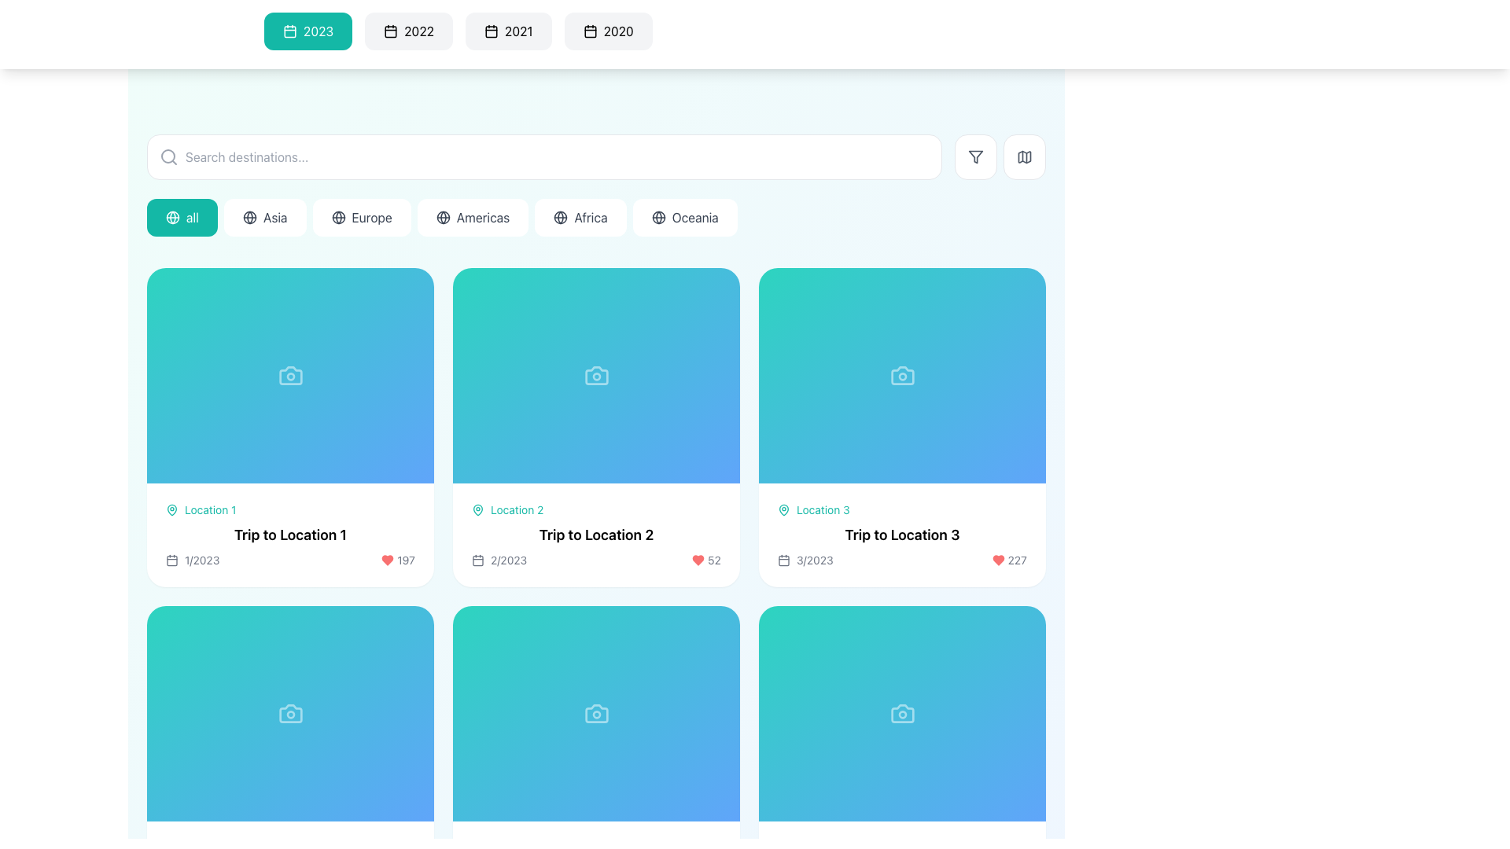 This screenshot has height=849, width=1510. I want to click on the button labeled 'Oceania', which features a globe icon and is styled with a white background, from its current position in the horizontal list of region buttons, so click(685, 218).